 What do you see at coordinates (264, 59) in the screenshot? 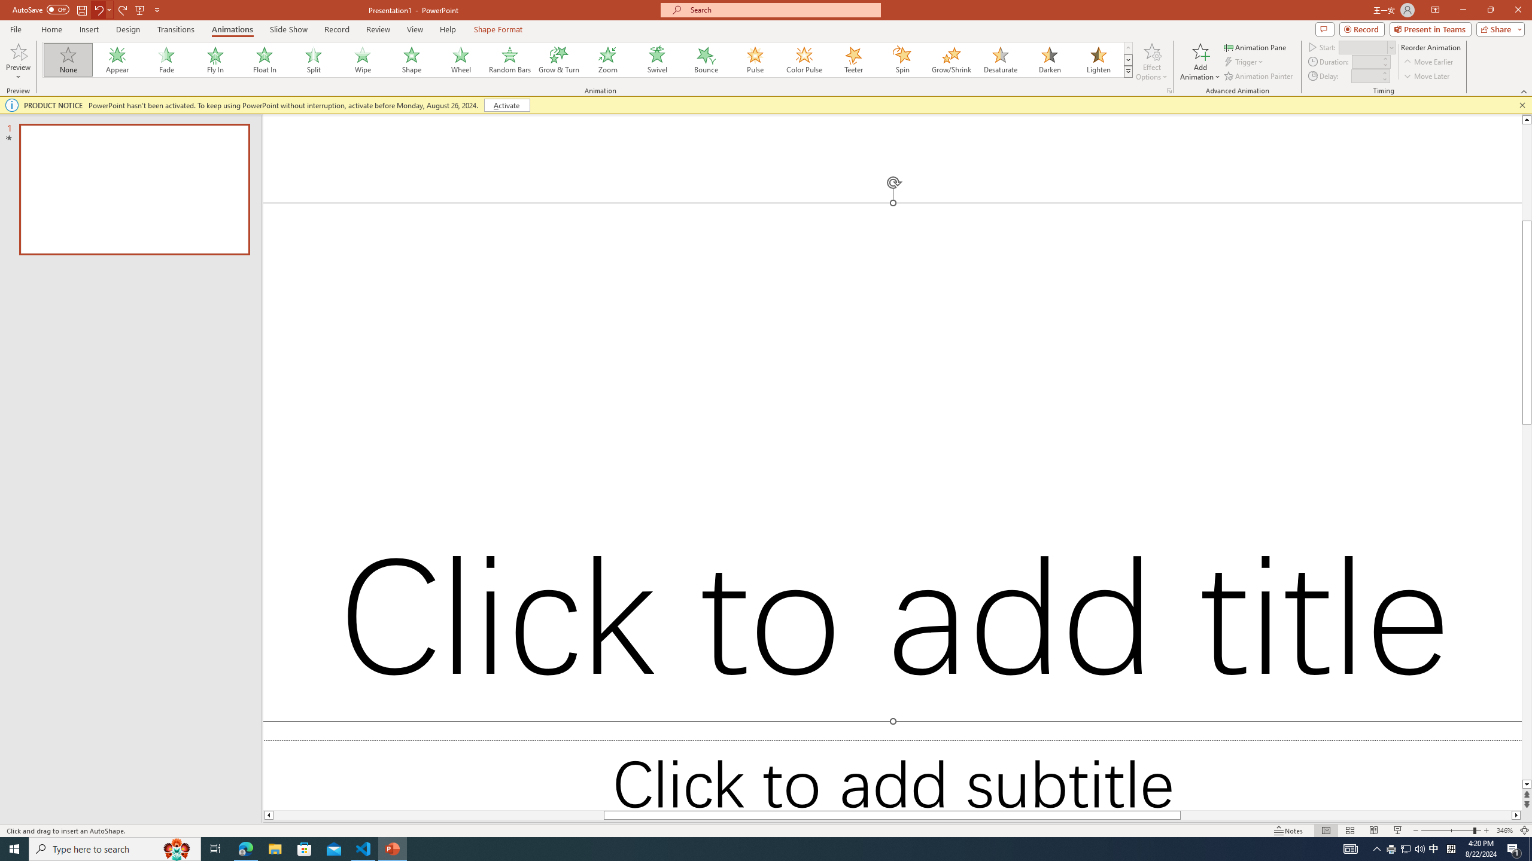
I see `'Float In'` at bounding box center [264, 59].